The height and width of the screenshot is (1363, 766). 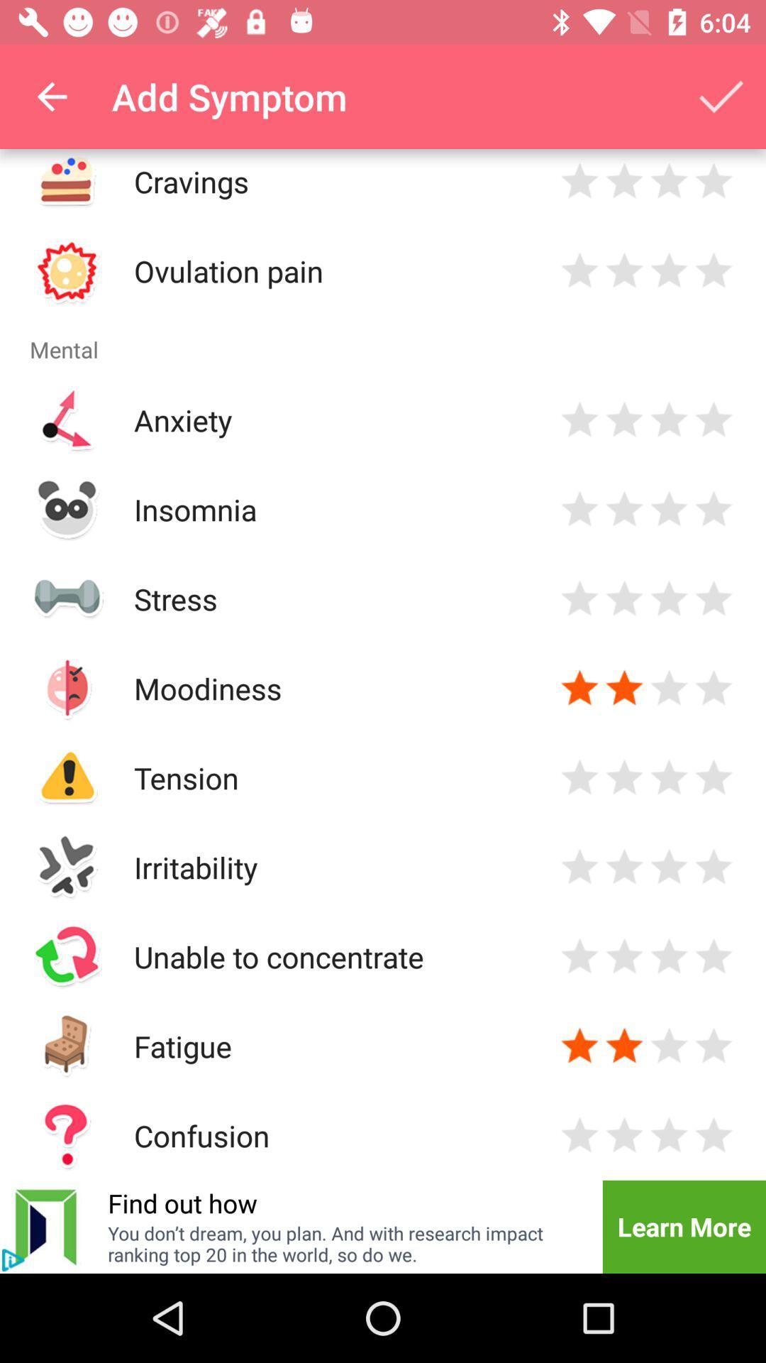 What do you see at coordinates (623, 1046) in the screenshot?
I see `rate two stars` at bounding box center [623, 1046].